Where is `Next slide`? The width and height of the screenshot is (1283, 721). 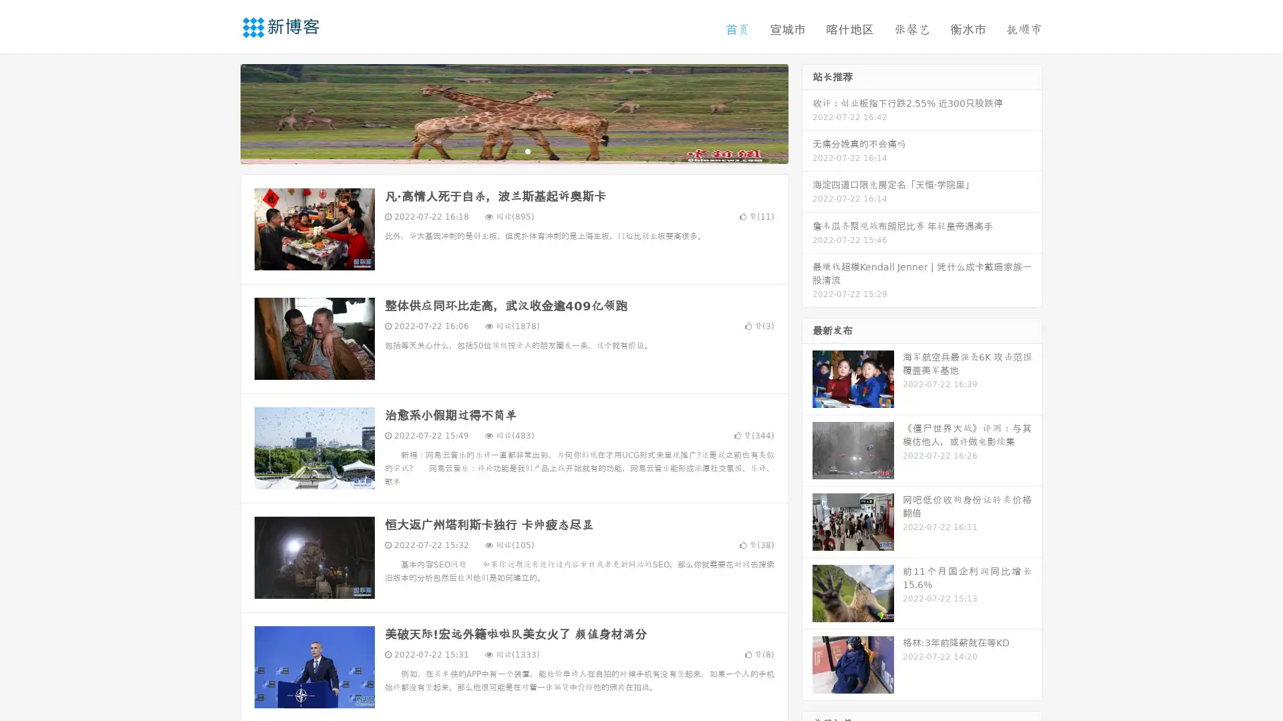 Next slide is located at coordinates (807, 112).